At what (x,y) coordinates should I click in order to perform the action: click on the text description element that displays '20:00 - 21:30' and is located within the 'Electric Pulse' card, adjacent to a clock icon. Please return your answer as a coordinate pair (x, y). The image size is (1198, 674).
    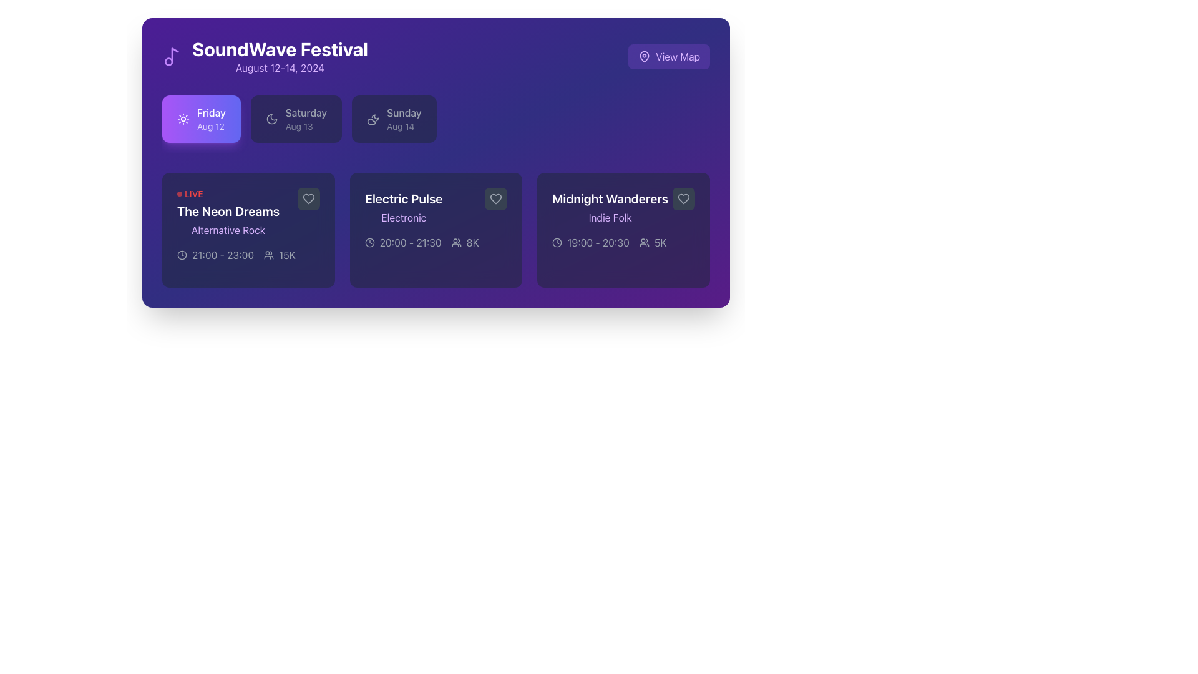
    Looking at the image, I should click on (403, 243).